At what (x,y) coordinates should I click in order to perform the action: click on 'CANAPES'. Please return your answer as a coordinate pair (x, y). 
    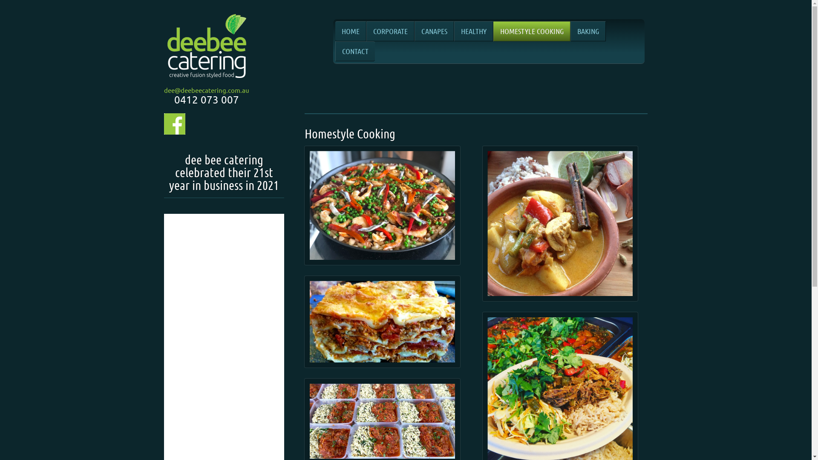
    Looking at the image, I should click on (434, 31).